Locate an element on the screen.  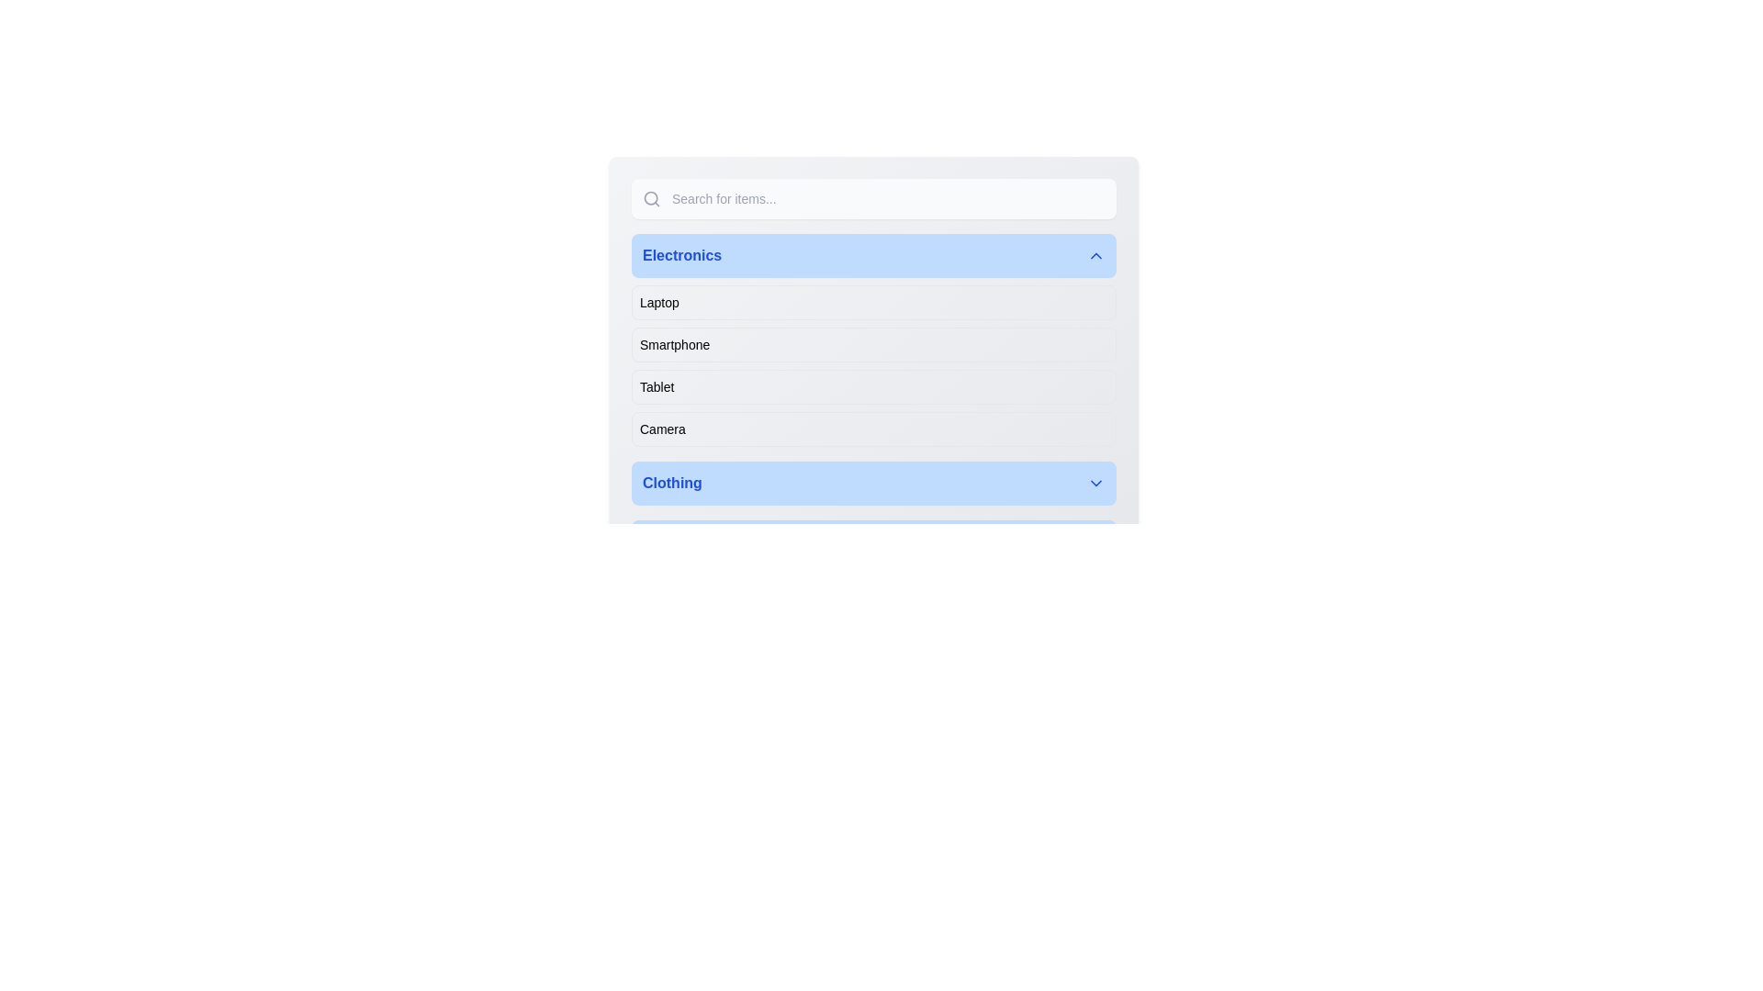
the circular part of the magnifying glass icon located within the left margin of the search field at the top of the UI is located at coordinates (651, 198).